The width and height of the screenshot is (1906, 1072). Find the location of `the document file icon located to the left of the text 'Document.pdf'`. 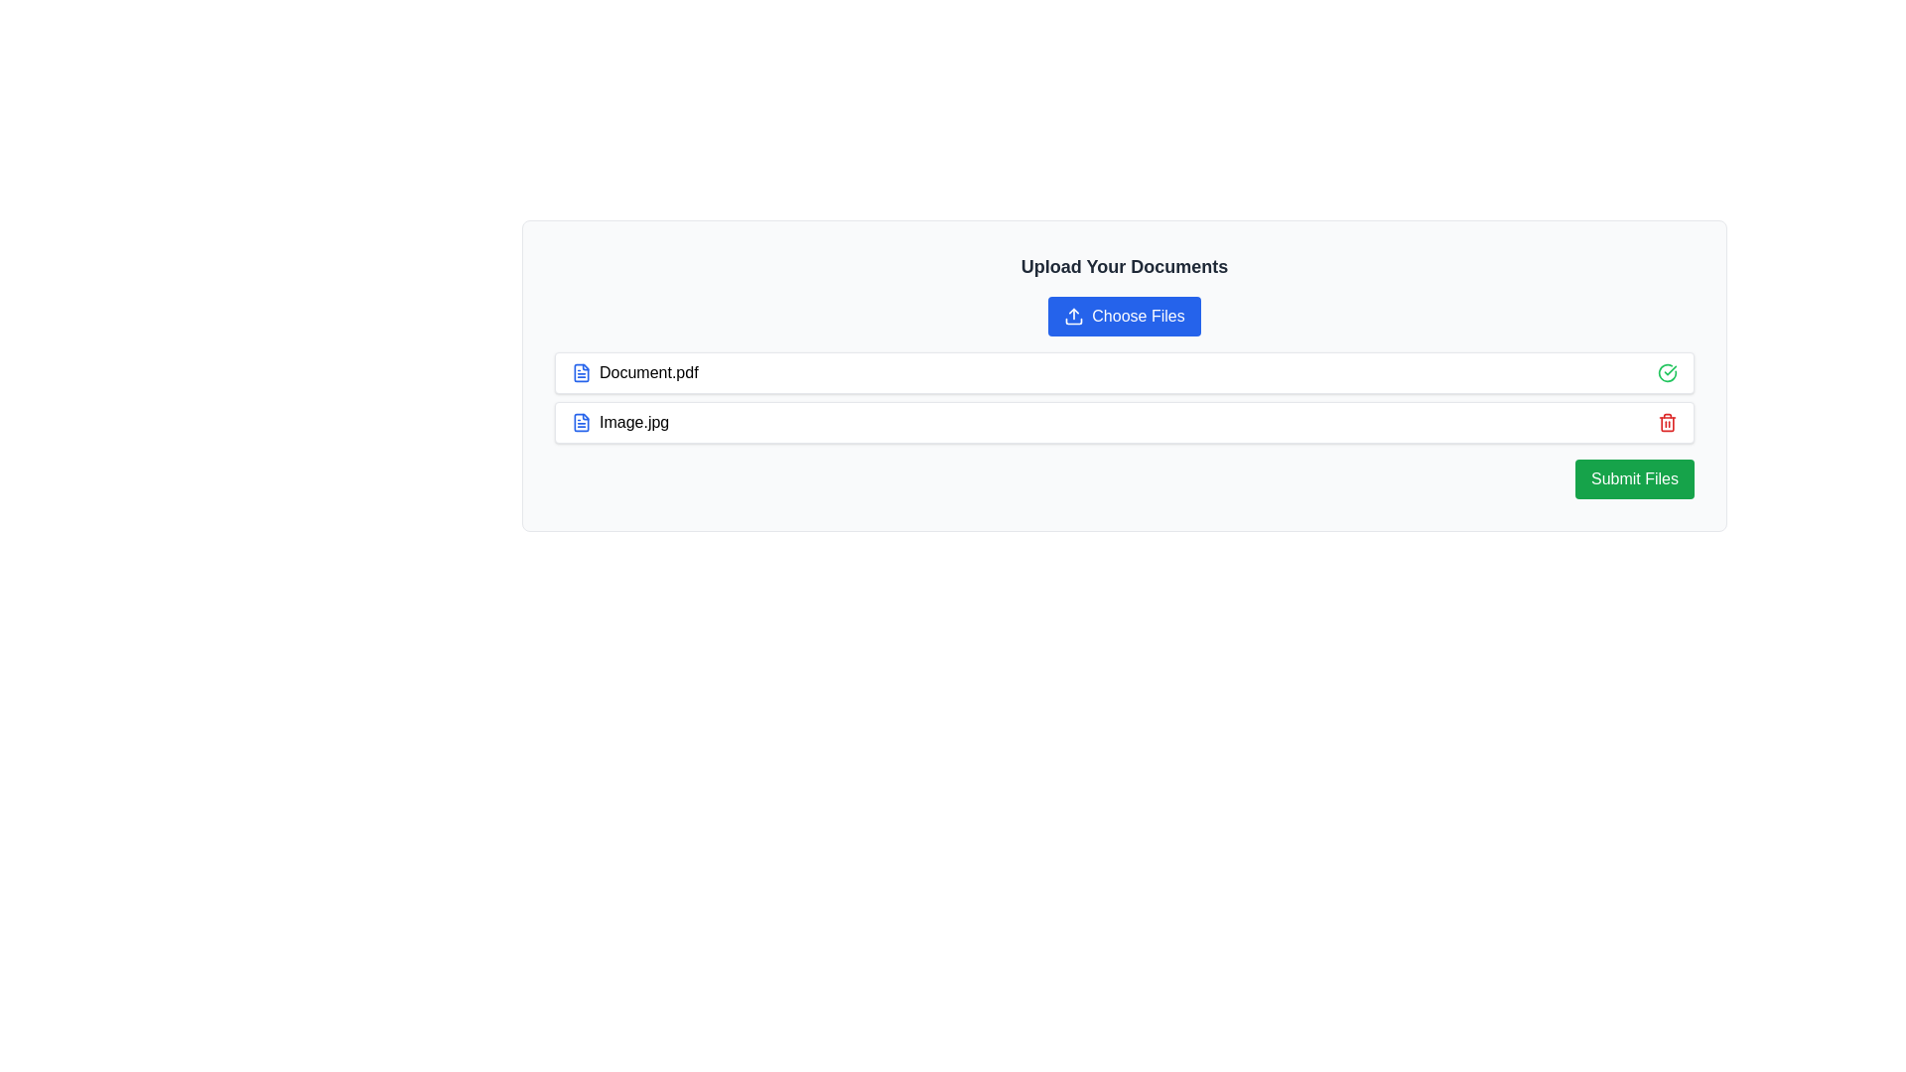

the document file icon located to the left of the text 'Document.pdf' is located at coordinates (580, 372).